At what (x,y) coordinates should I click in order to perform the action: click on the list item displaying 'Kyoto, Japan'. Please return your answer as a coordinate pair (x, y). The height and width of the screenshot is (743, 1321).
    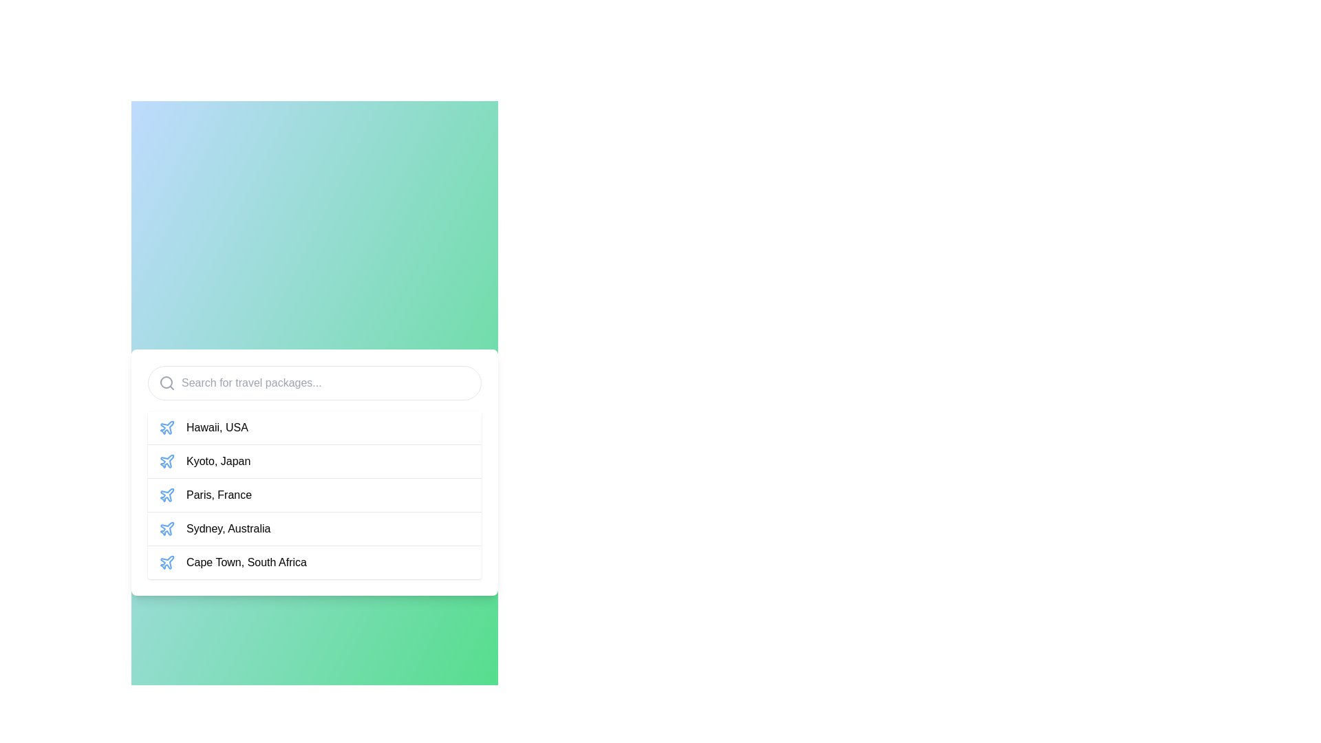
    Looking at the image, I should click on (314, 461).